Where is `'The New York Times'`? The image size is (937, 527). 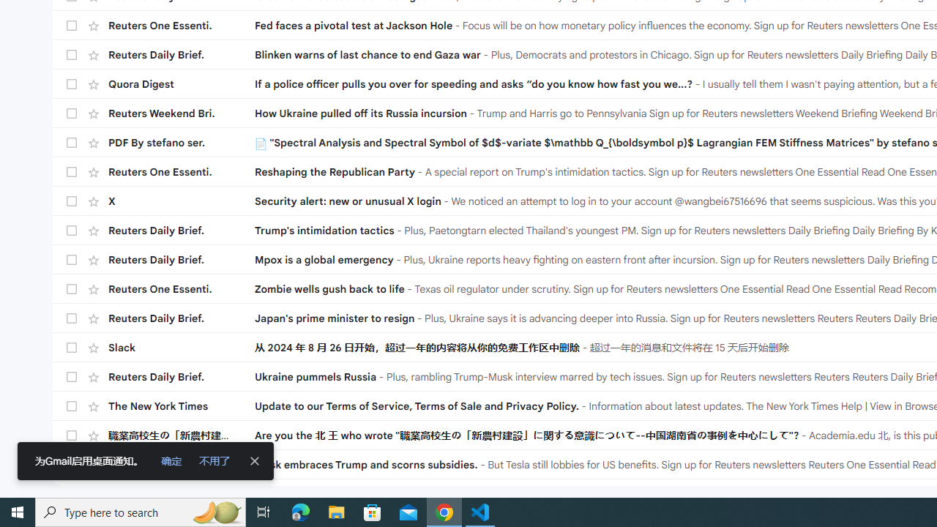 'The New York Times' is located at coordinates (181, 406).